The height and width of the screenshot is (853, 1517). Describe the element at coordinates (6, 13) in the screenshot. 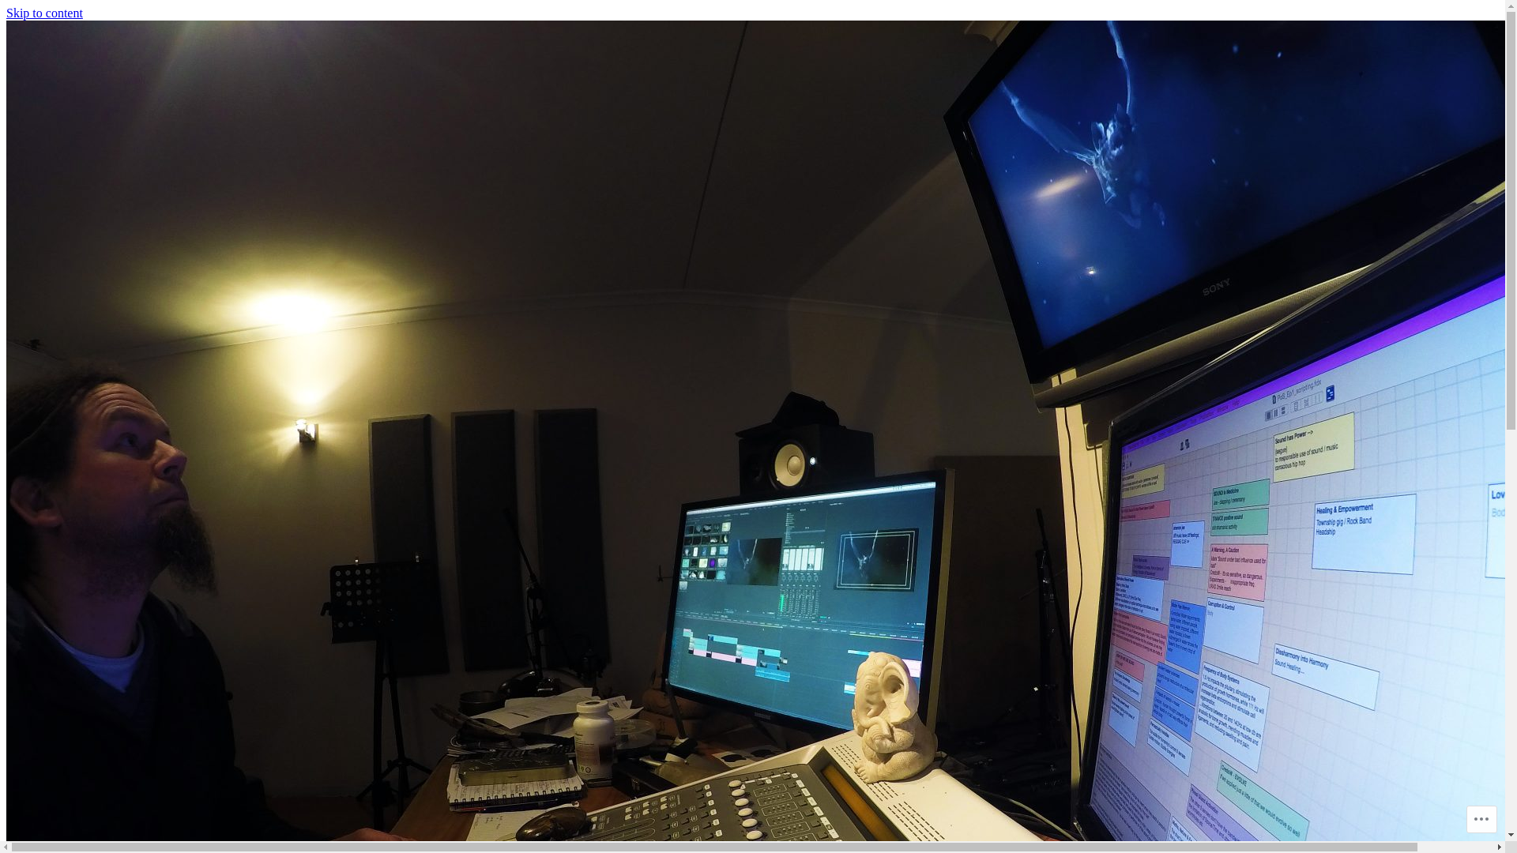

I see `'Skip to content'` at that location.